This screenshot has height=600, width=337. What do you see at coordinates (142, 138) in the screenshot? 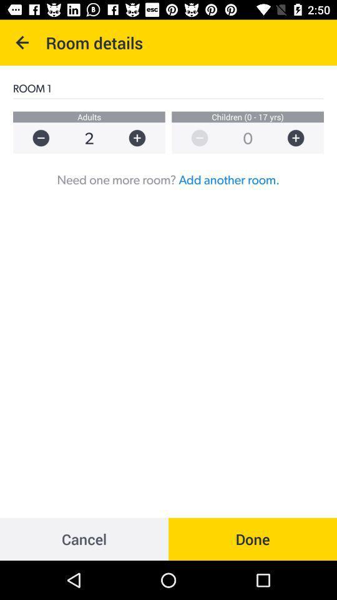
I see `plus 1` at bounding box center [142, 138].